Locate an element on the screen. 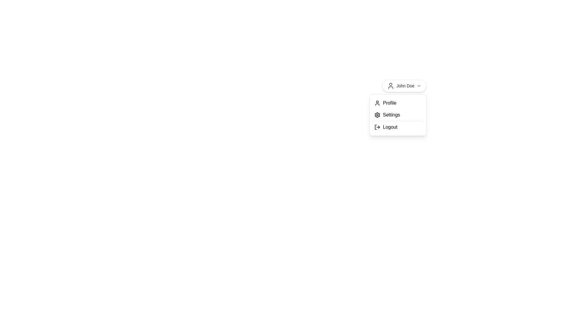 The height and width of the screenshot is (321, 571). the 'Settings' menu item located in the vertical dropdown menu is located at coordinates (398, 115).